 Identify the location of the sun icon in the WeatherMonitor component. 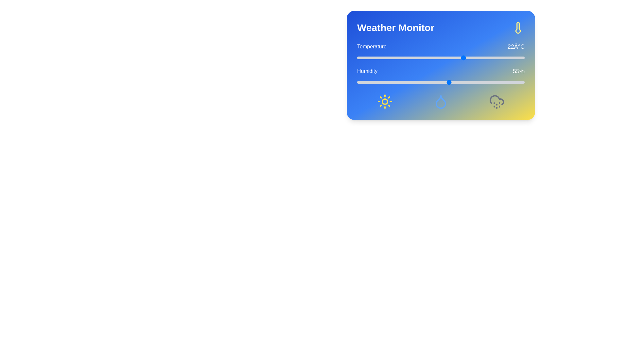
(385, 102).